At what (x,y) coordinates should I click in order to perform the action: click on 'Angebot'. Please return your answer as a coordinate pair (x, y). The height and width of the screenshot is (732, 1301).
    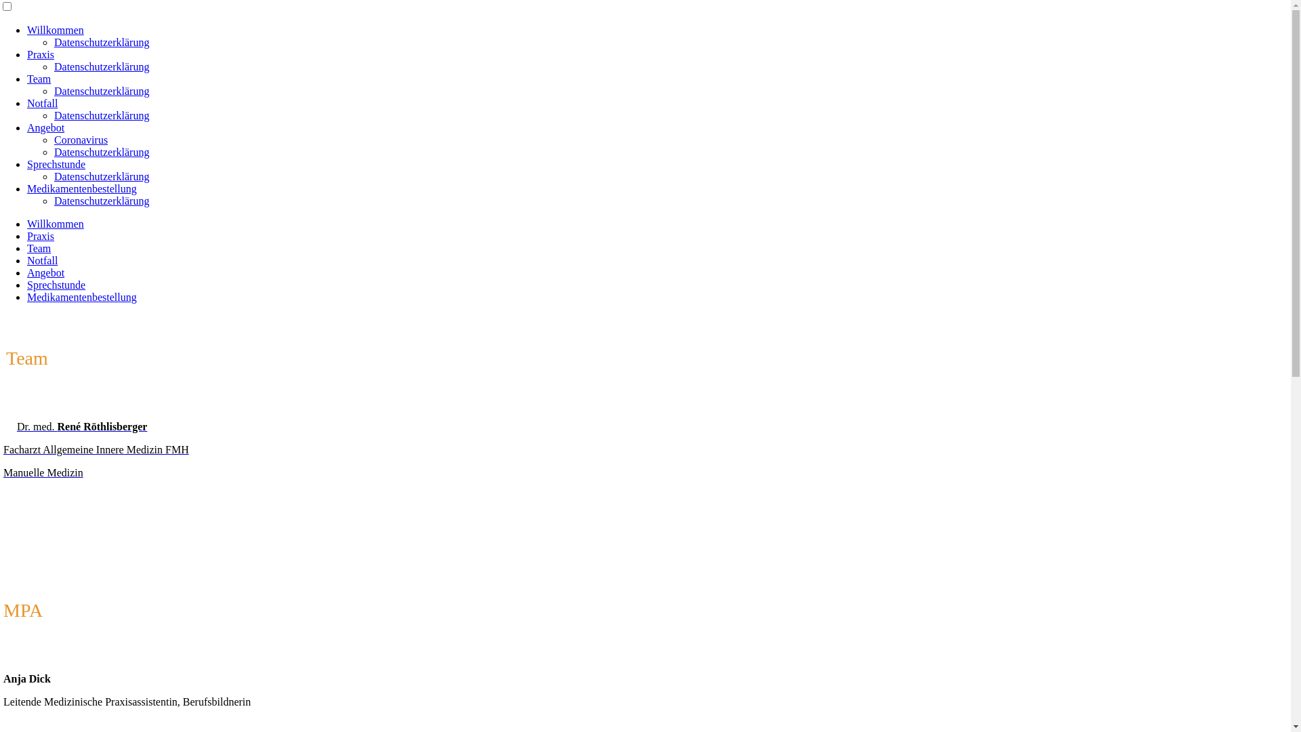
    Looking at the image, I should click on (45, 272).